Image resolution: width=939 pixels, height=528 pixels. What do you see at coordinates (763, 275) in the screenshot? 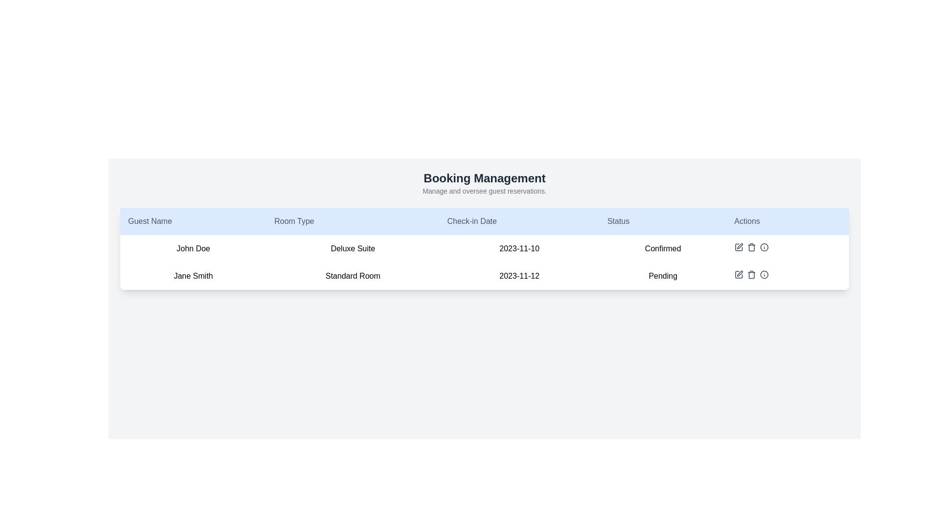
I see `the fourth action icon in the 'Actions' column of the table, which is a circular icon with a letter 'i'` at bounding box center [763, 275].